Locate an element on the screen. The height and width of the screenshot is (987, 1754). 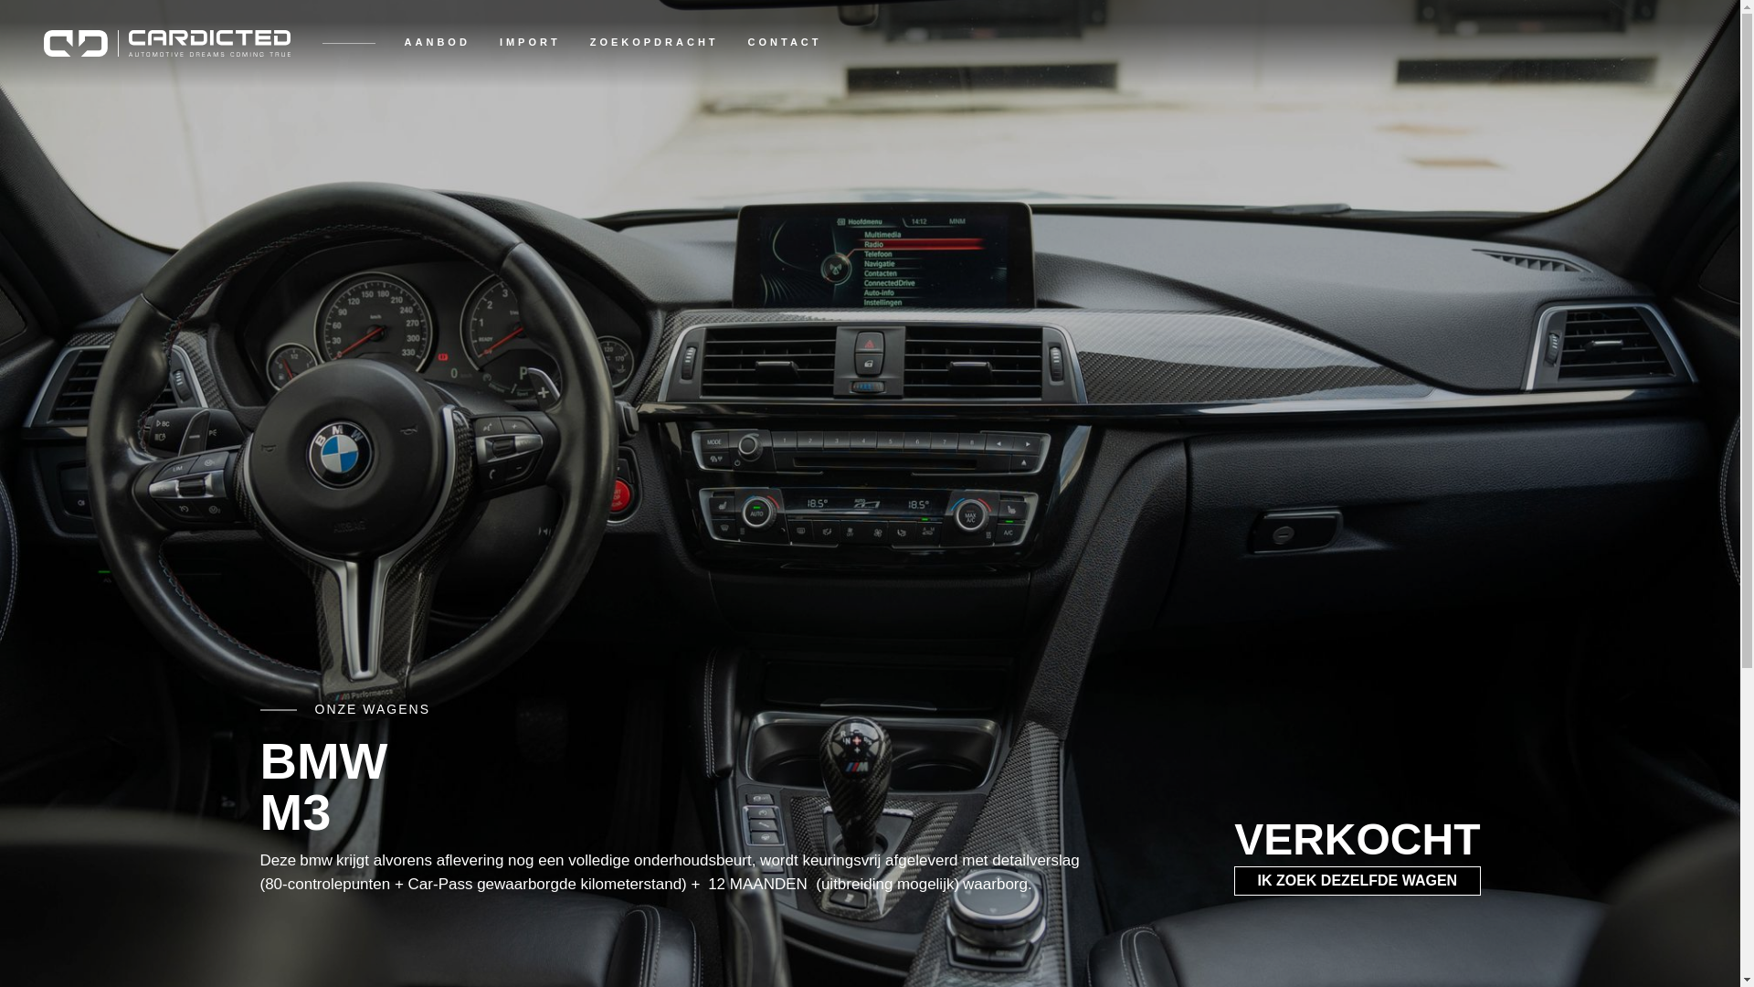
'IMPORT' is located at coordinates (529, 42).